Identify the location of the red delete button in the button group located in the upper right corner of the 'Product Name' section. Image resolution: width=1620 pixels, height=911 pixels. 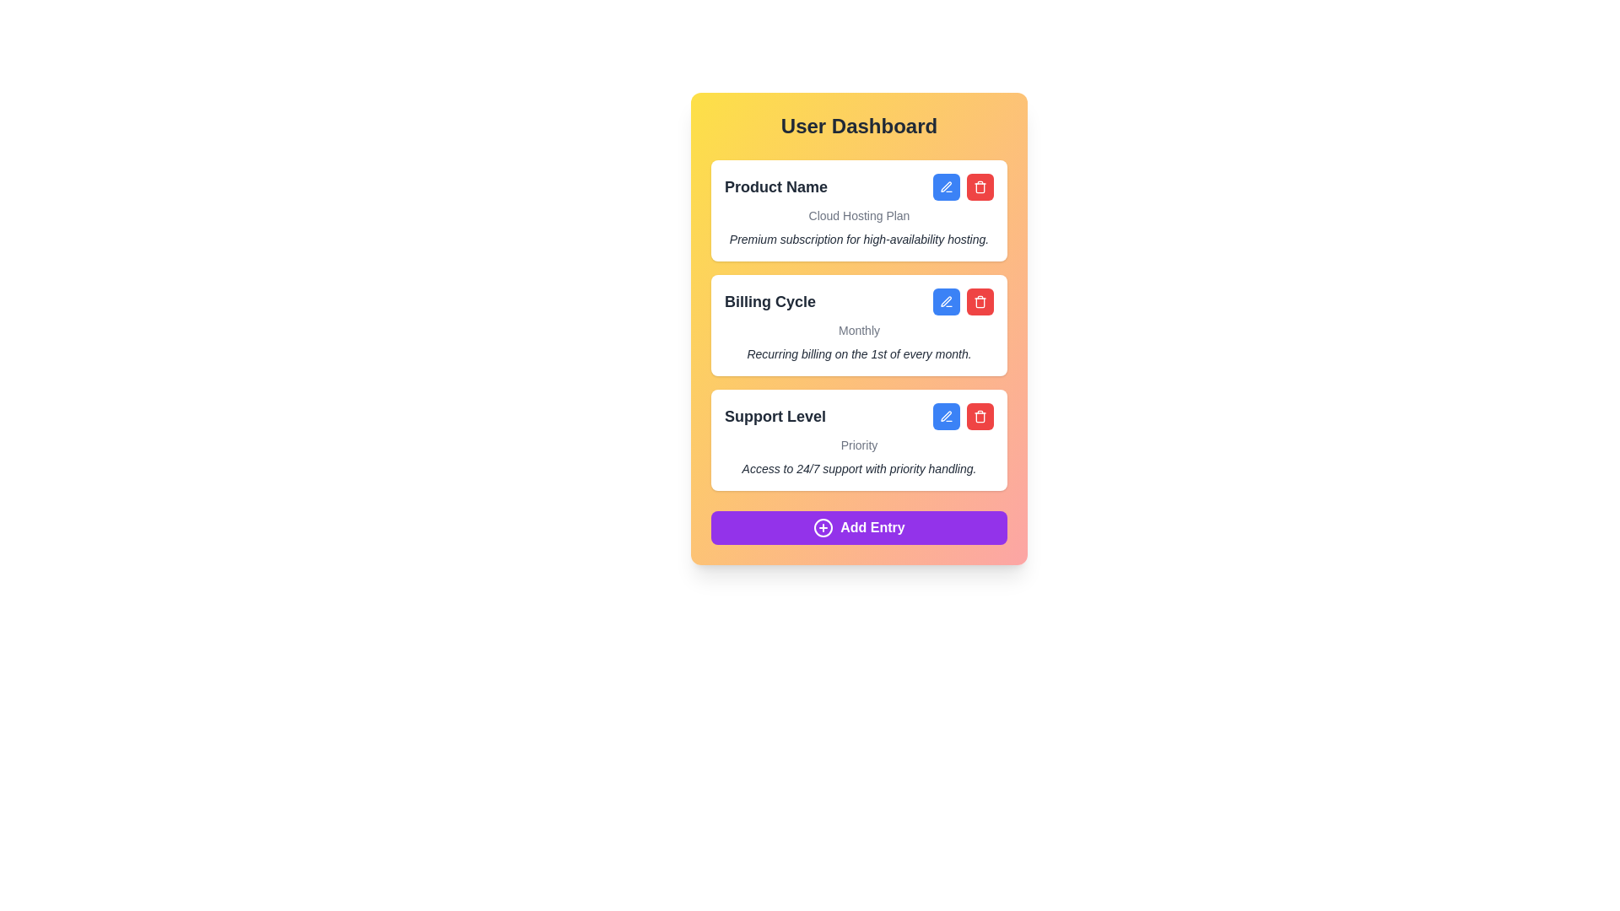
(964, 187).